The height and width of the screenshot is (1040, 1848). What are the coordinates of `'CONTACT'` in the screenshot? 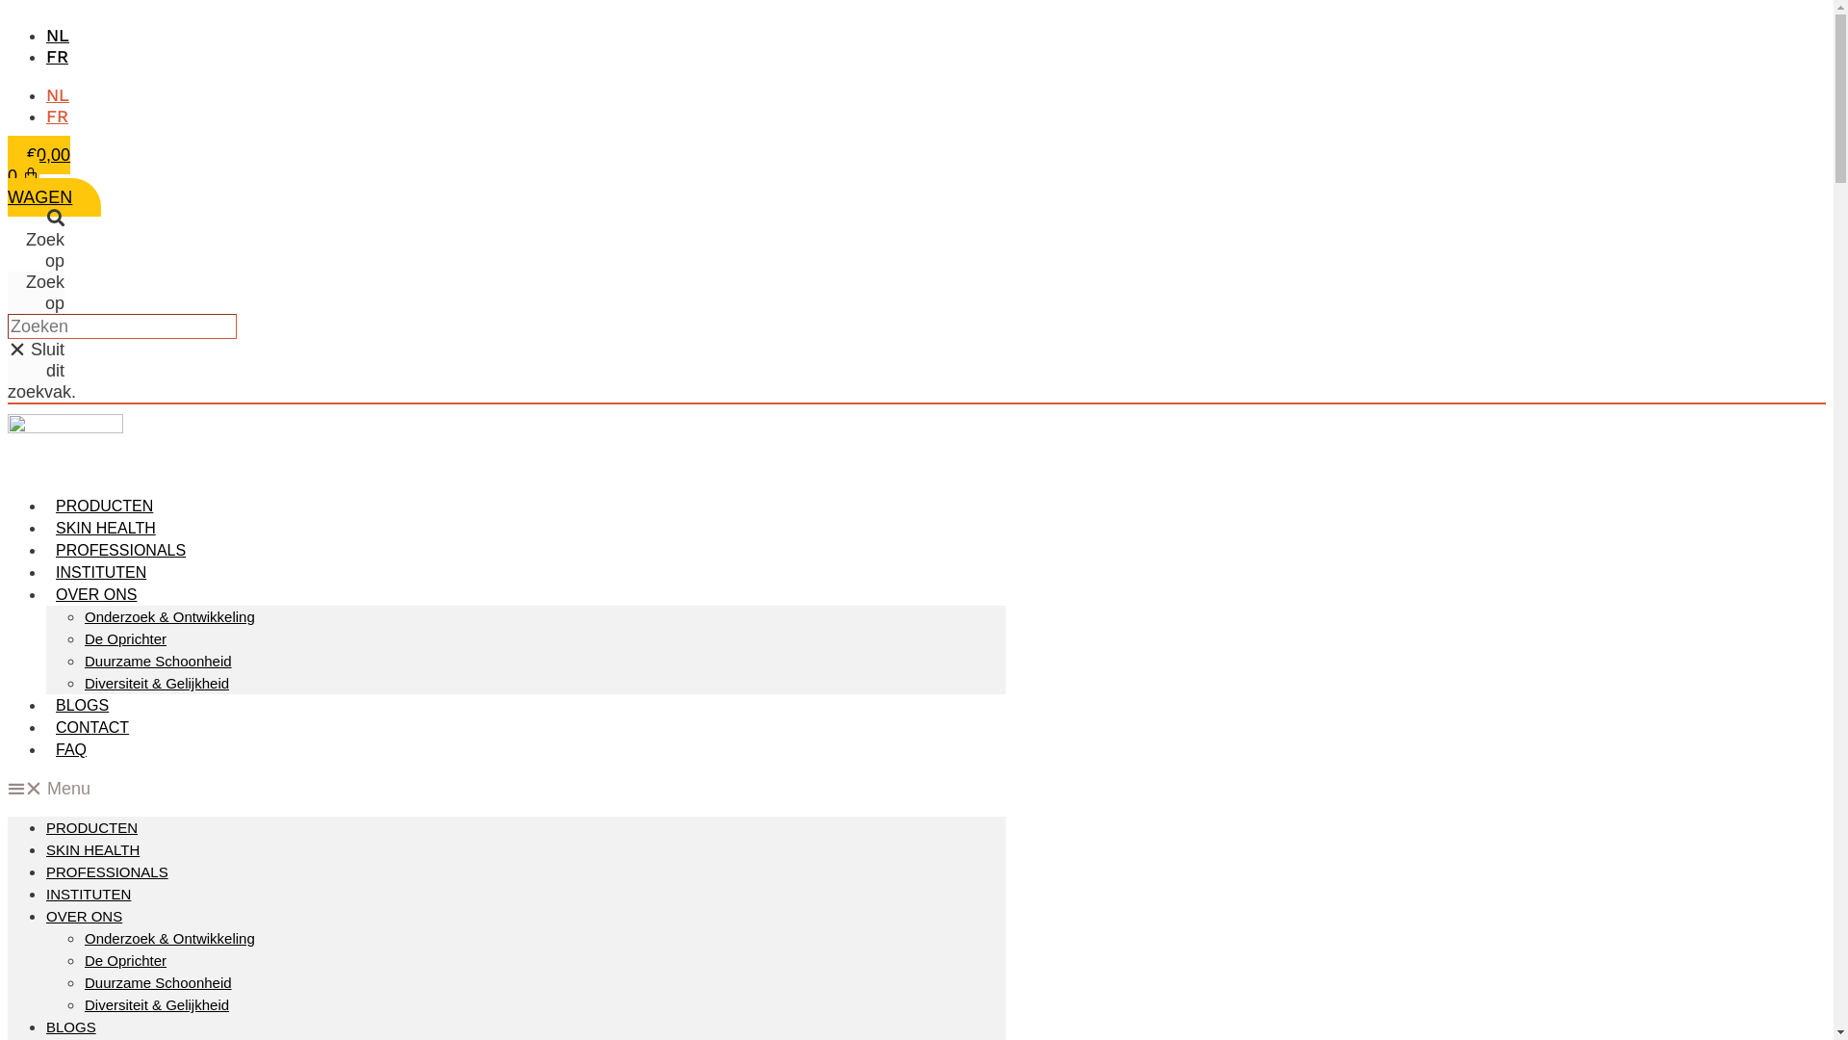 It's located at (91, 727).